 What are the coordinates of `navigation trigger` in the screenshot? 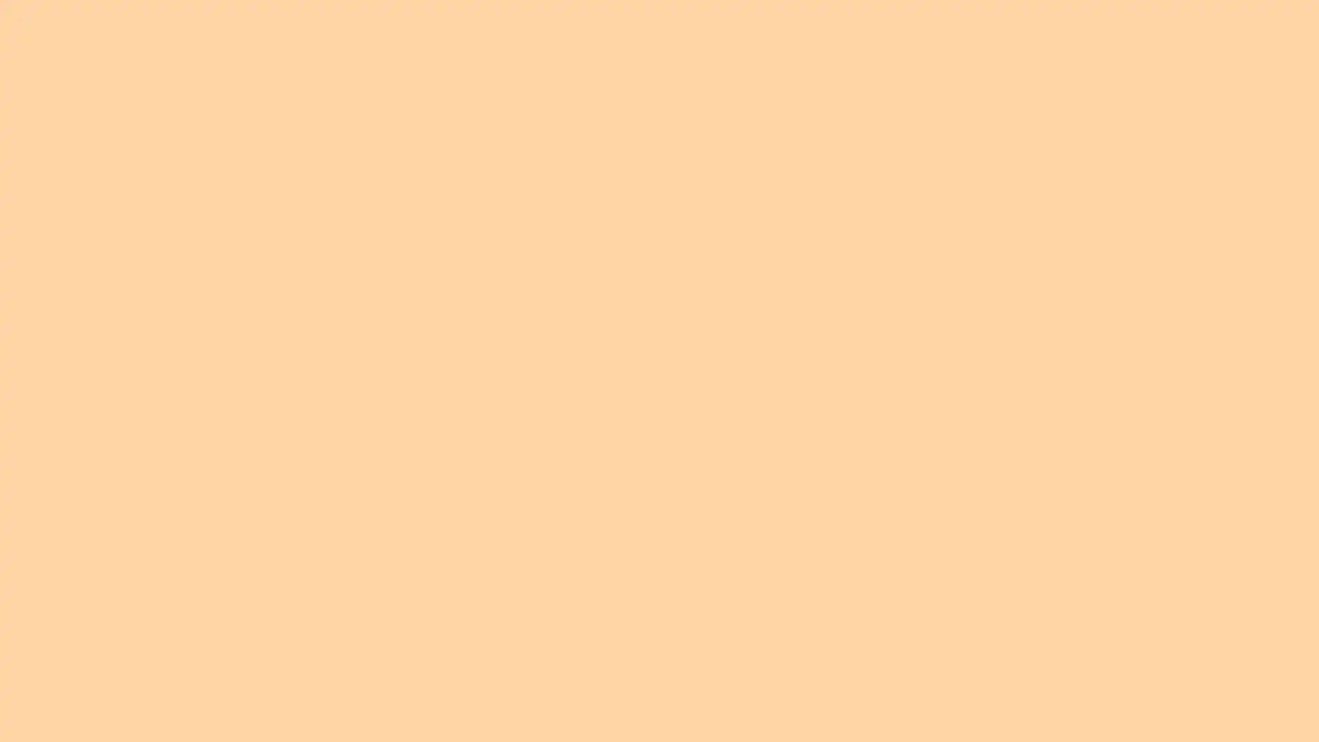 It's located at (1154, 31).